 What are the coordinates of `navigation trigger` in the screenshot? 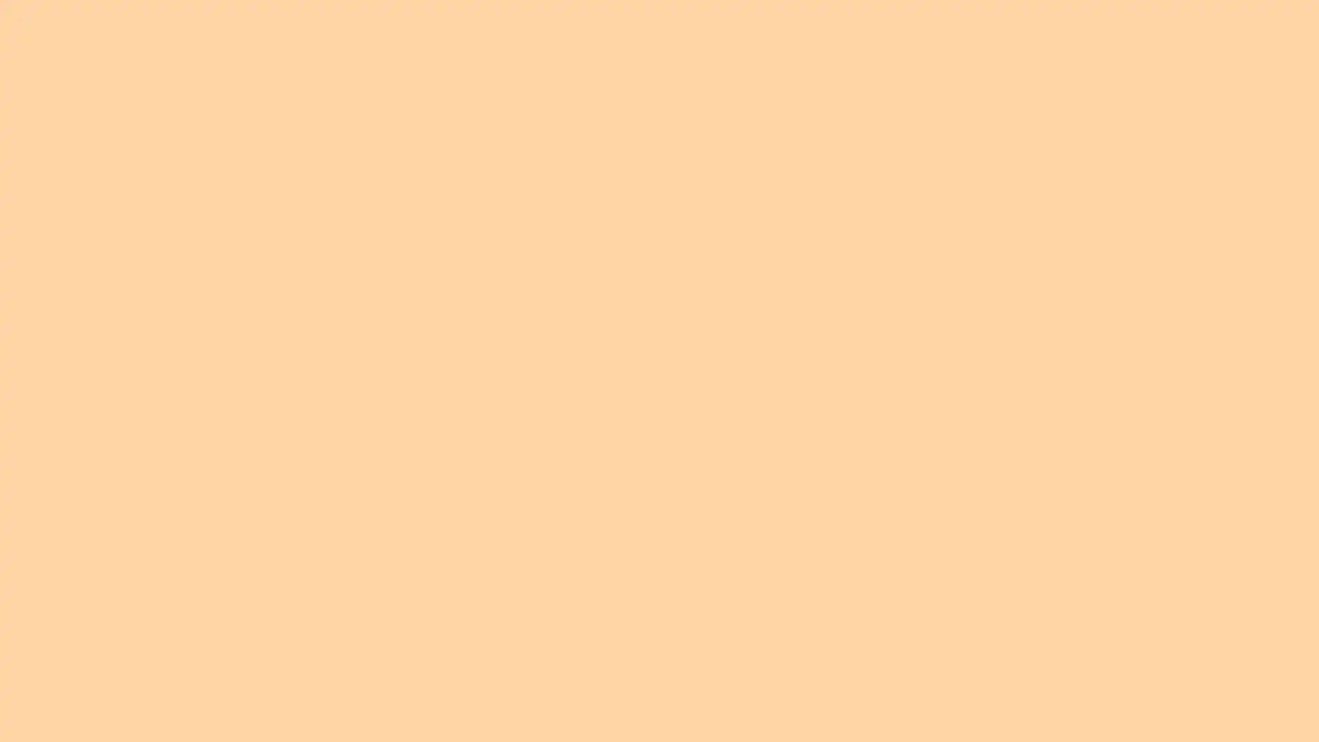 It's located at (1154, 31).